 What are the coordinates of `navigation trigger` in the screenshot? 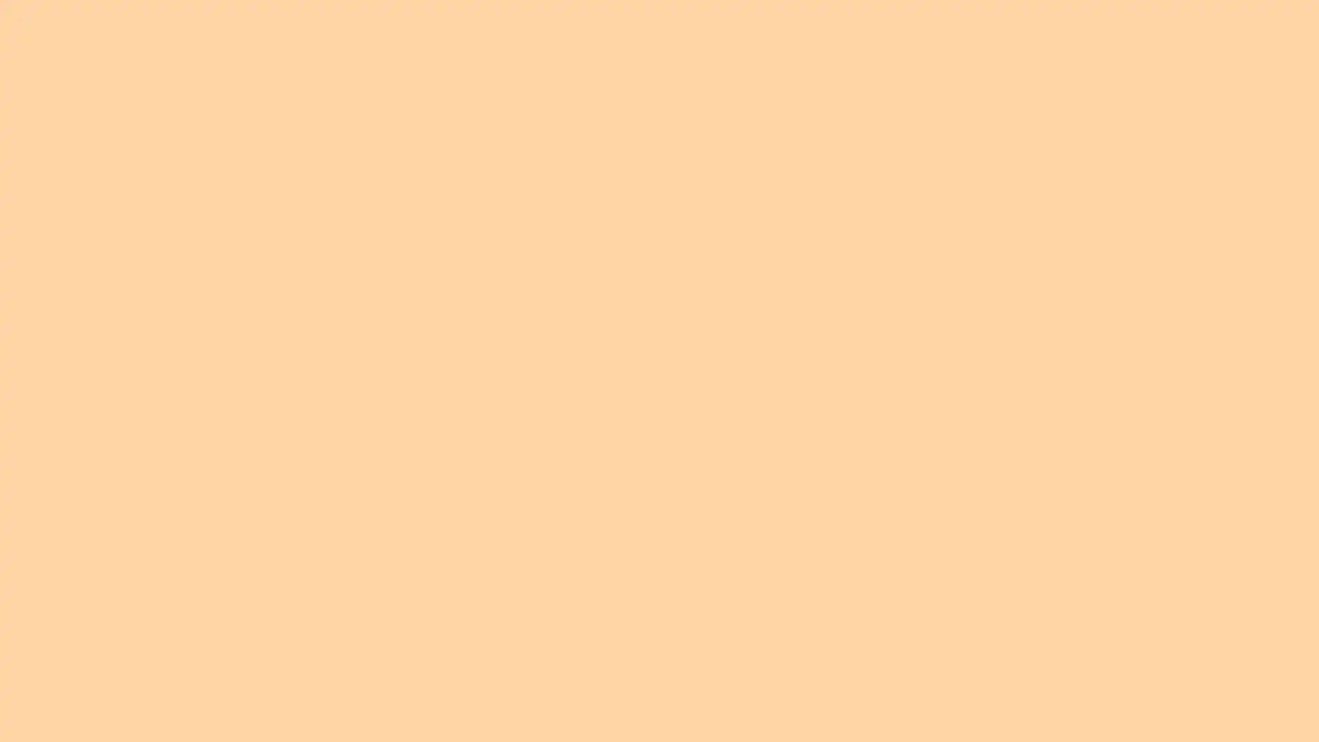 It's located at (1154, 31).